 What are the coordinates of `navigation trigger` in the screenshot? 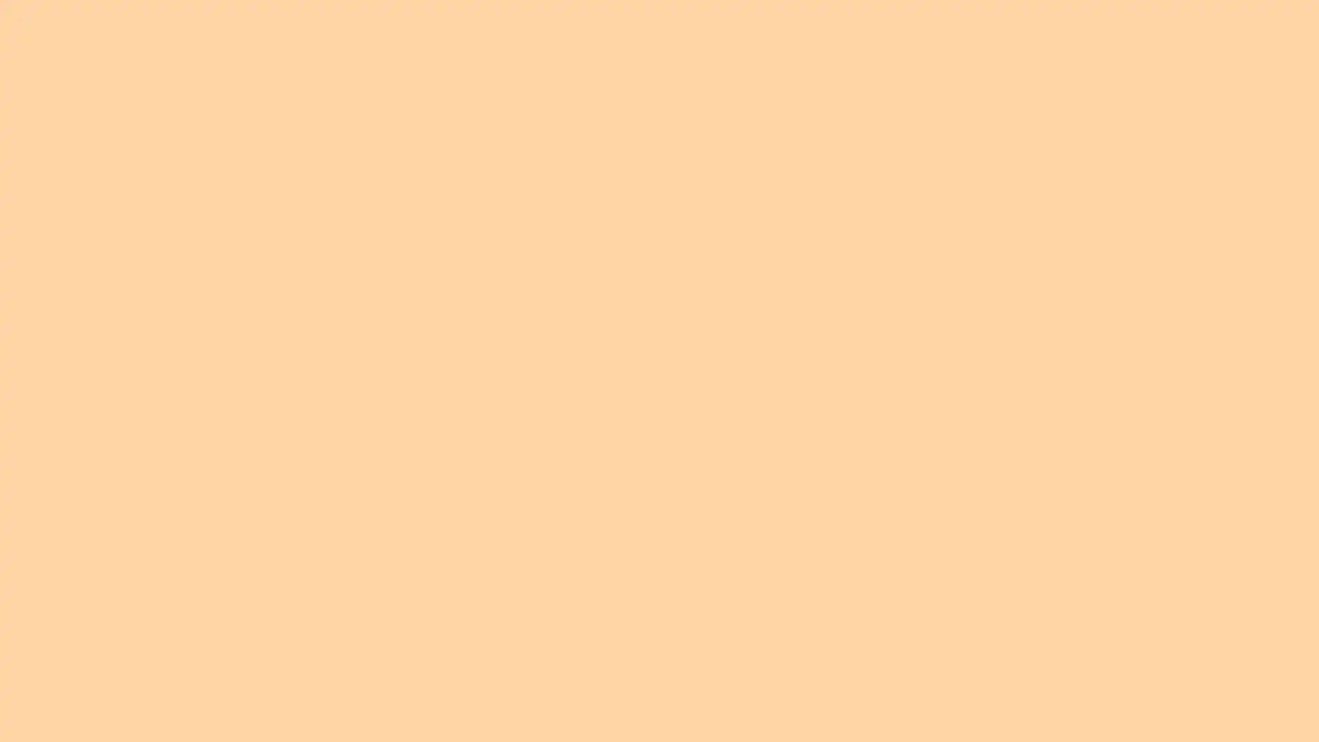 It's located at (1154, 31).